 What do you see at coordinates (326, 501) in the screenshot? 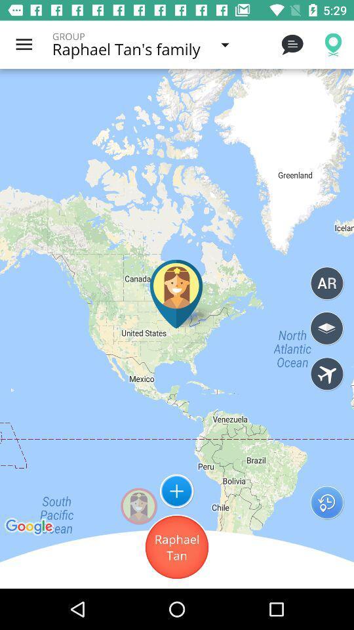
I see `the icon next to raphael tan` at bounding box center [326, 501].